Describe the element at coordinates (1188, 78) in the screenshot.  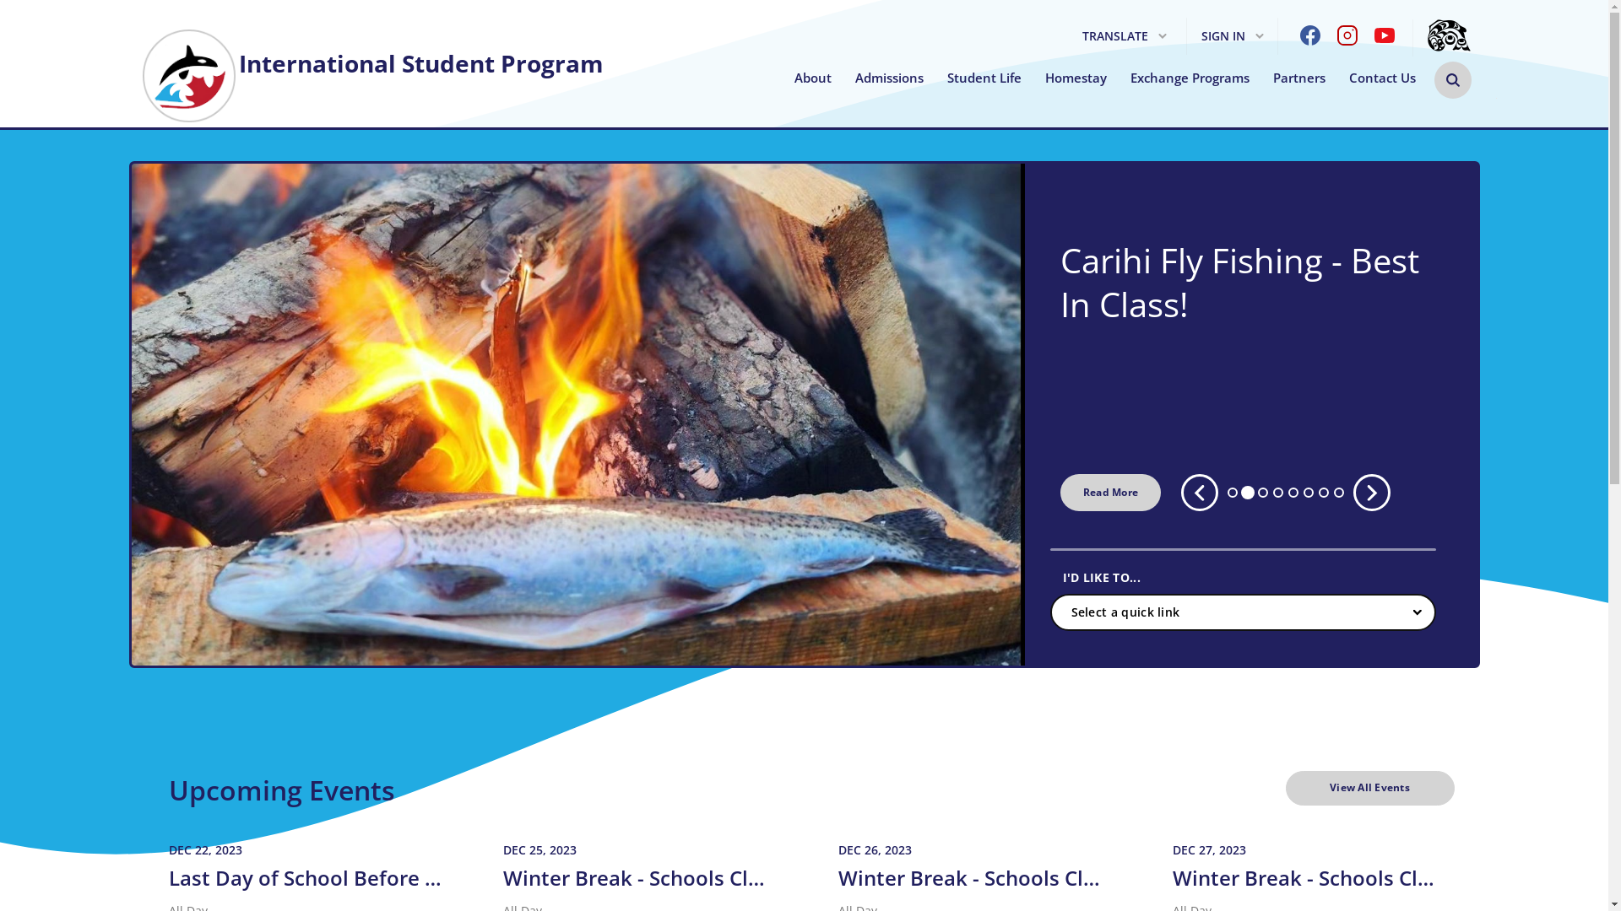
I see `'Exchange Programs'` at that location.